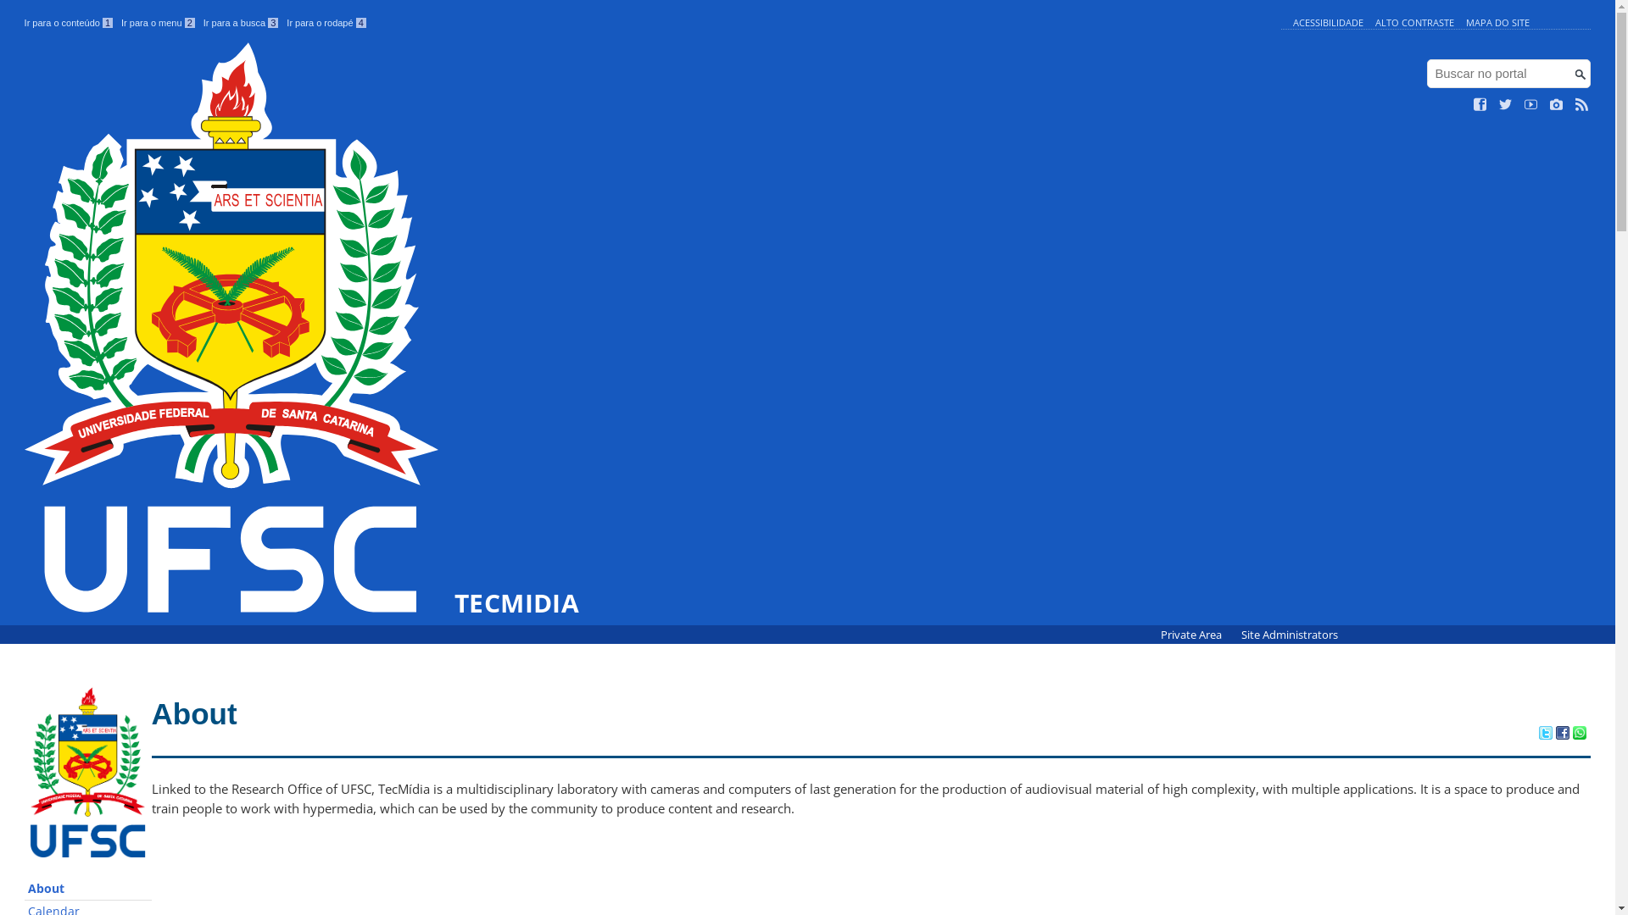  What do you see at coordinates (1497, 22) in the screenshot?
I see `'MAPA DO SITE'` at bounding box center [1497, 22].